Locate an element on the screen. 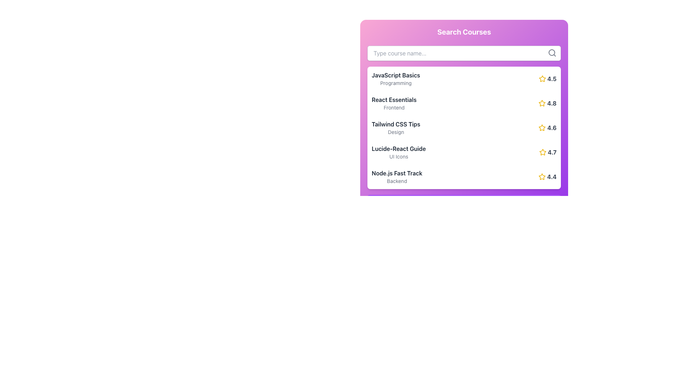 This screenshot has height=389, width=693. text label located immediately below the 'Node.js Fast Track' title in the course list is located at coordinates (396, 180).